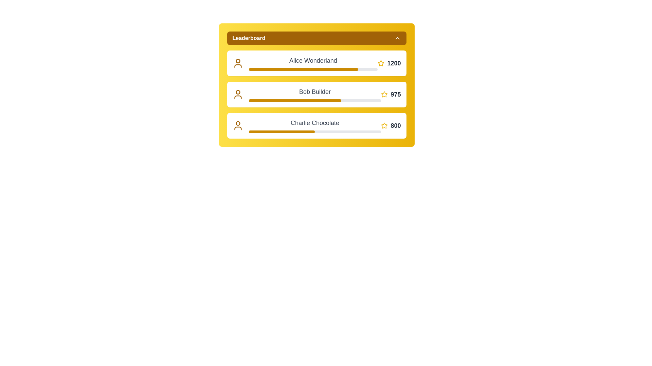 The width and height of the screenshot is (652, 366). What do you see at coordinates (396, 94) in the screenshot?
I see `displayed number '975' from the text label element adjacent to the yellow star icon for 'Bob Builder' on the leaderboard` at bounding box center [396, 94].